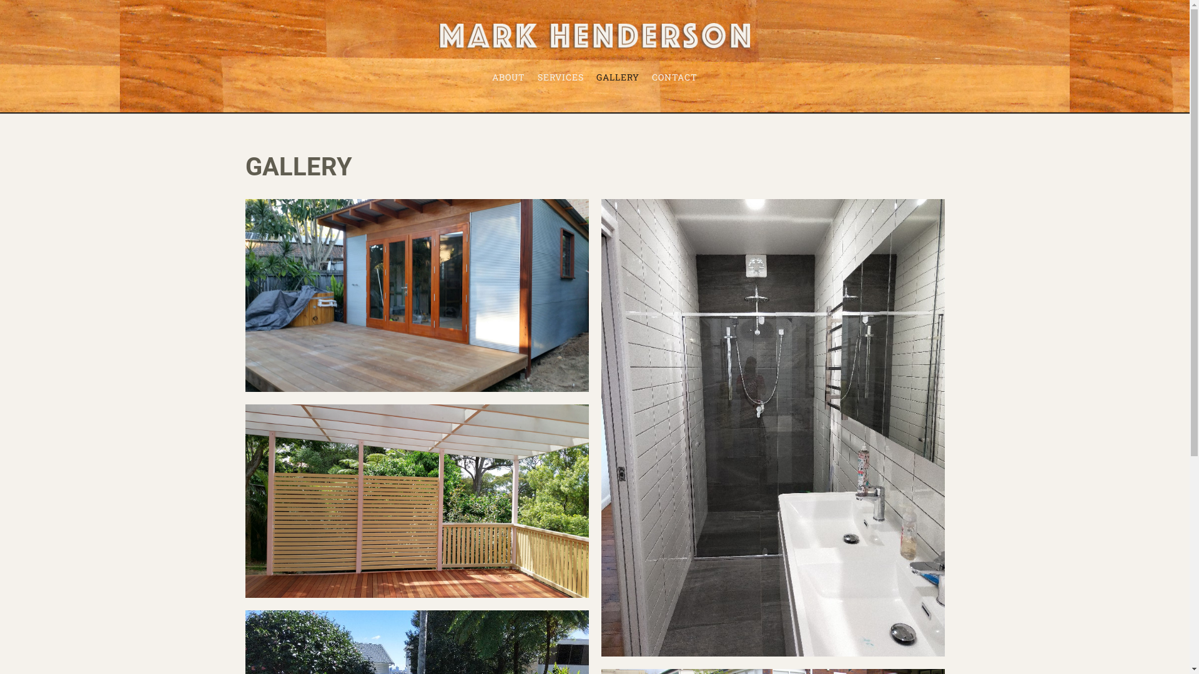 Image resolution: width=1199 pixels, height=674 pixels. I want to click on 'Bathroom makeover at St Ives', so click(772, 427).